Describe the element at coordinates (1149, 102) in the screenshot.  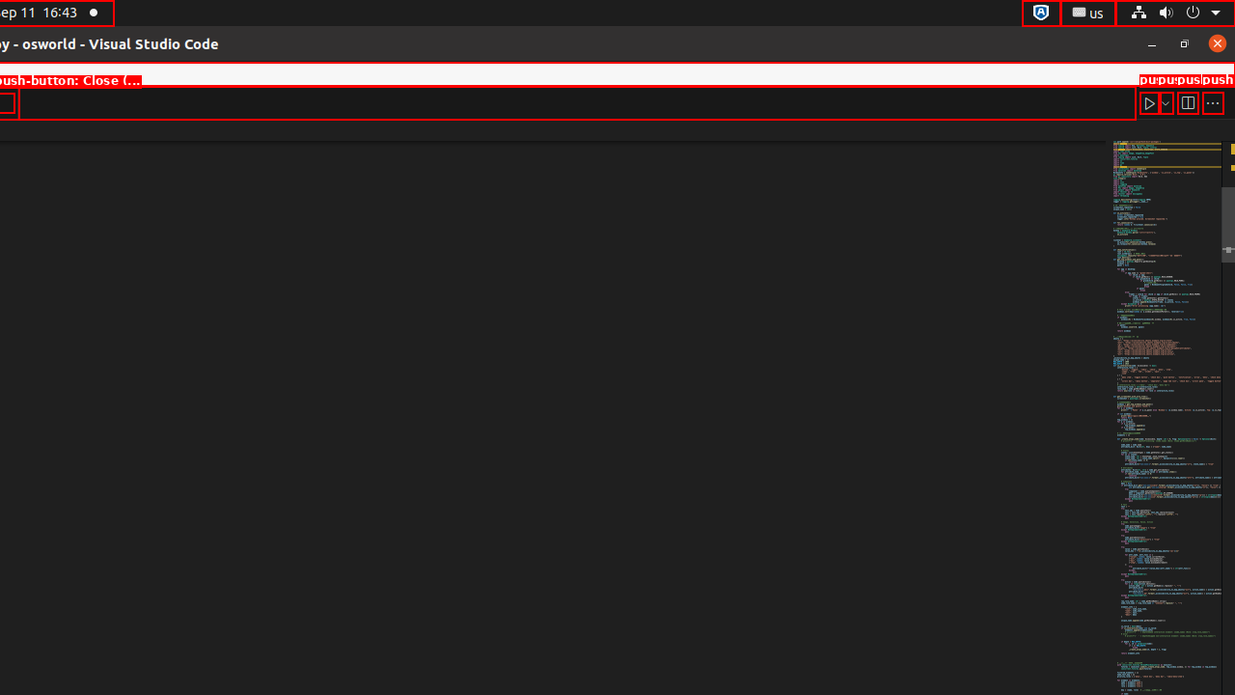
I see `'Run Python File'` at that location.